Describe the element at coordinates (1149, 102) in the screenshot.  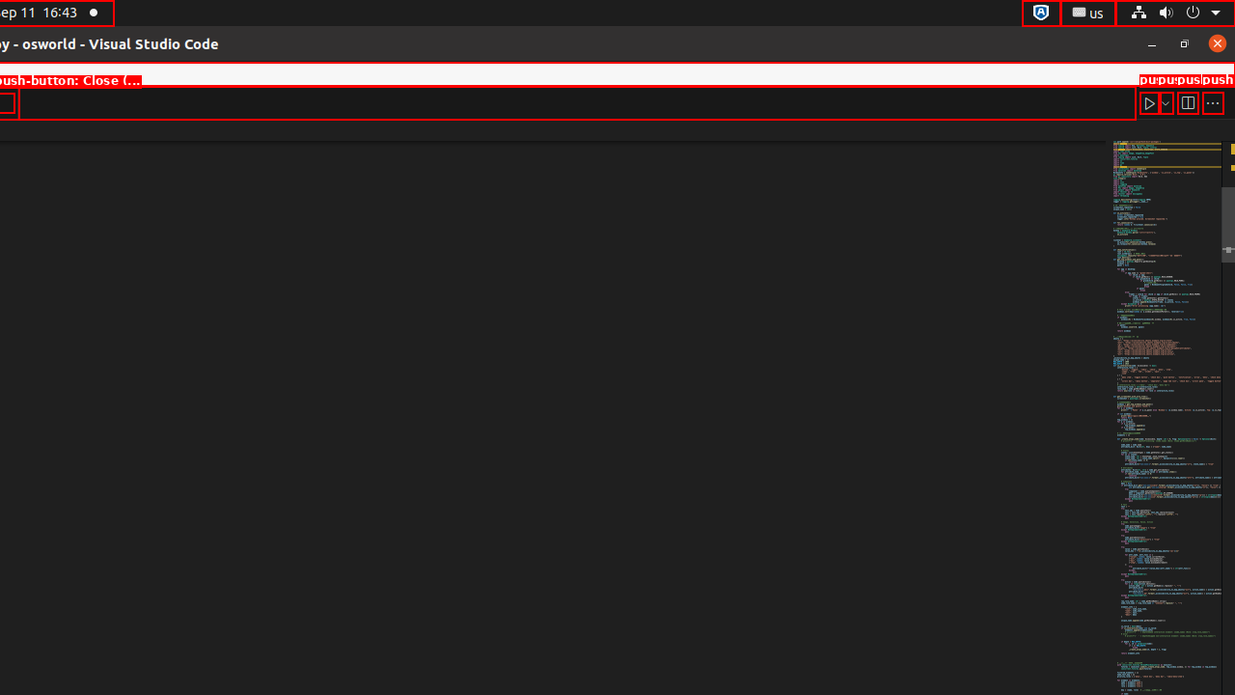
I see `'Run Python File'` at that location.